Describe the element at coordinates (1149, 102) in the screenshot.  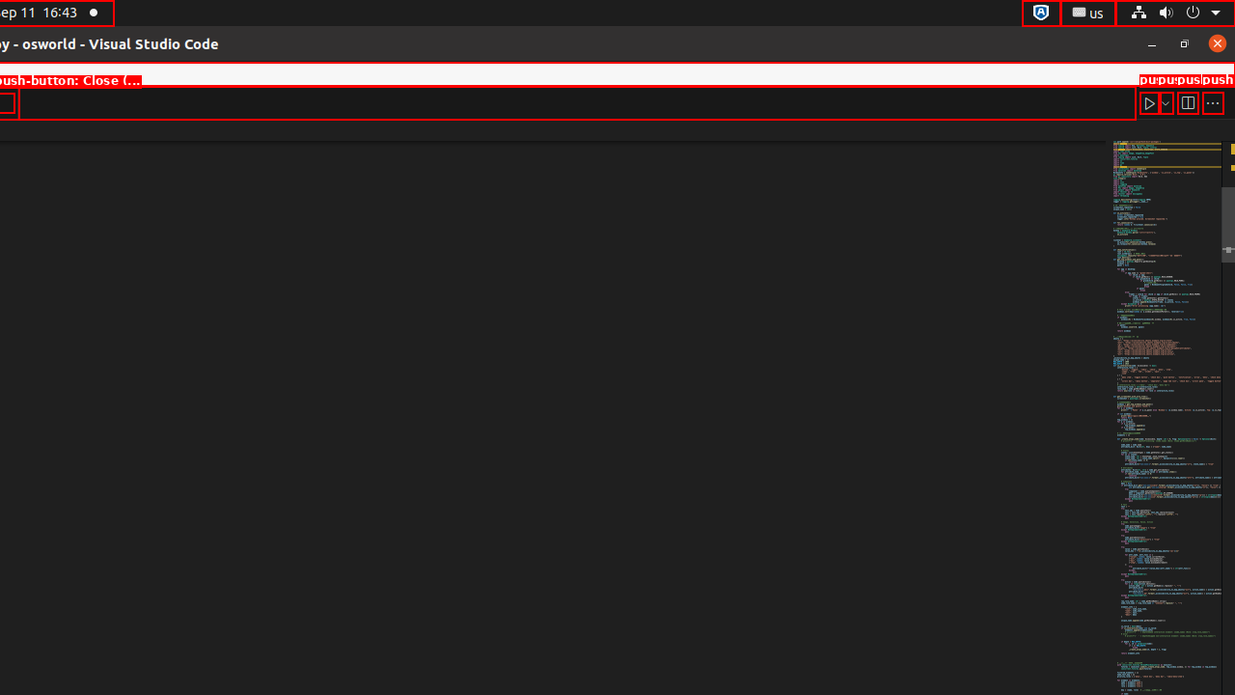
I see `'Run Python File'` at that location.